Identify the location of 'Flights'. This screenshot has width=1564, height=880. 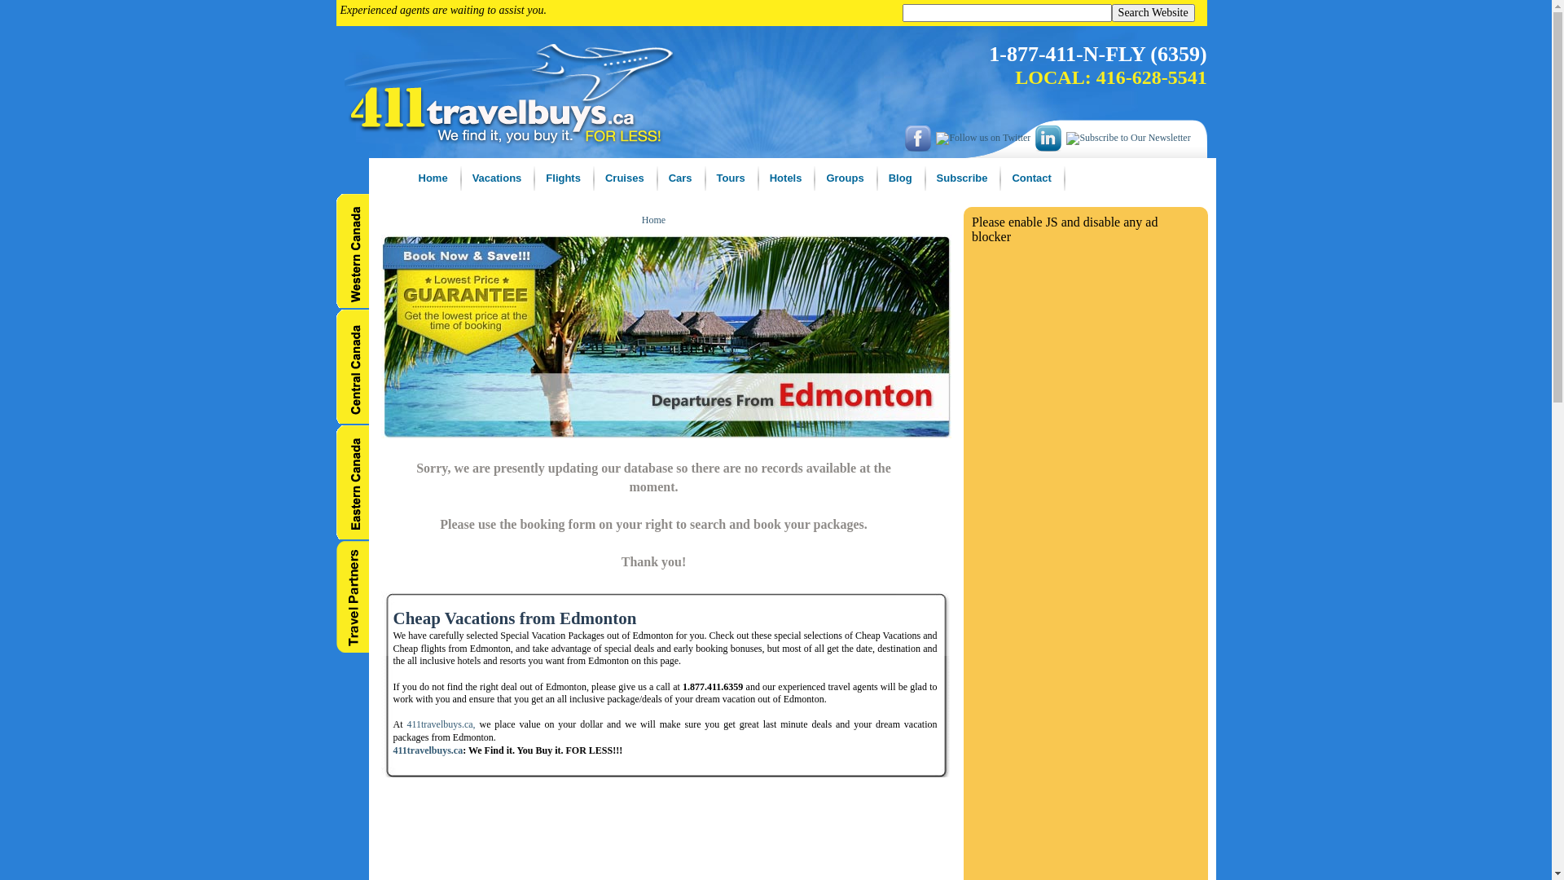
(564, 178).